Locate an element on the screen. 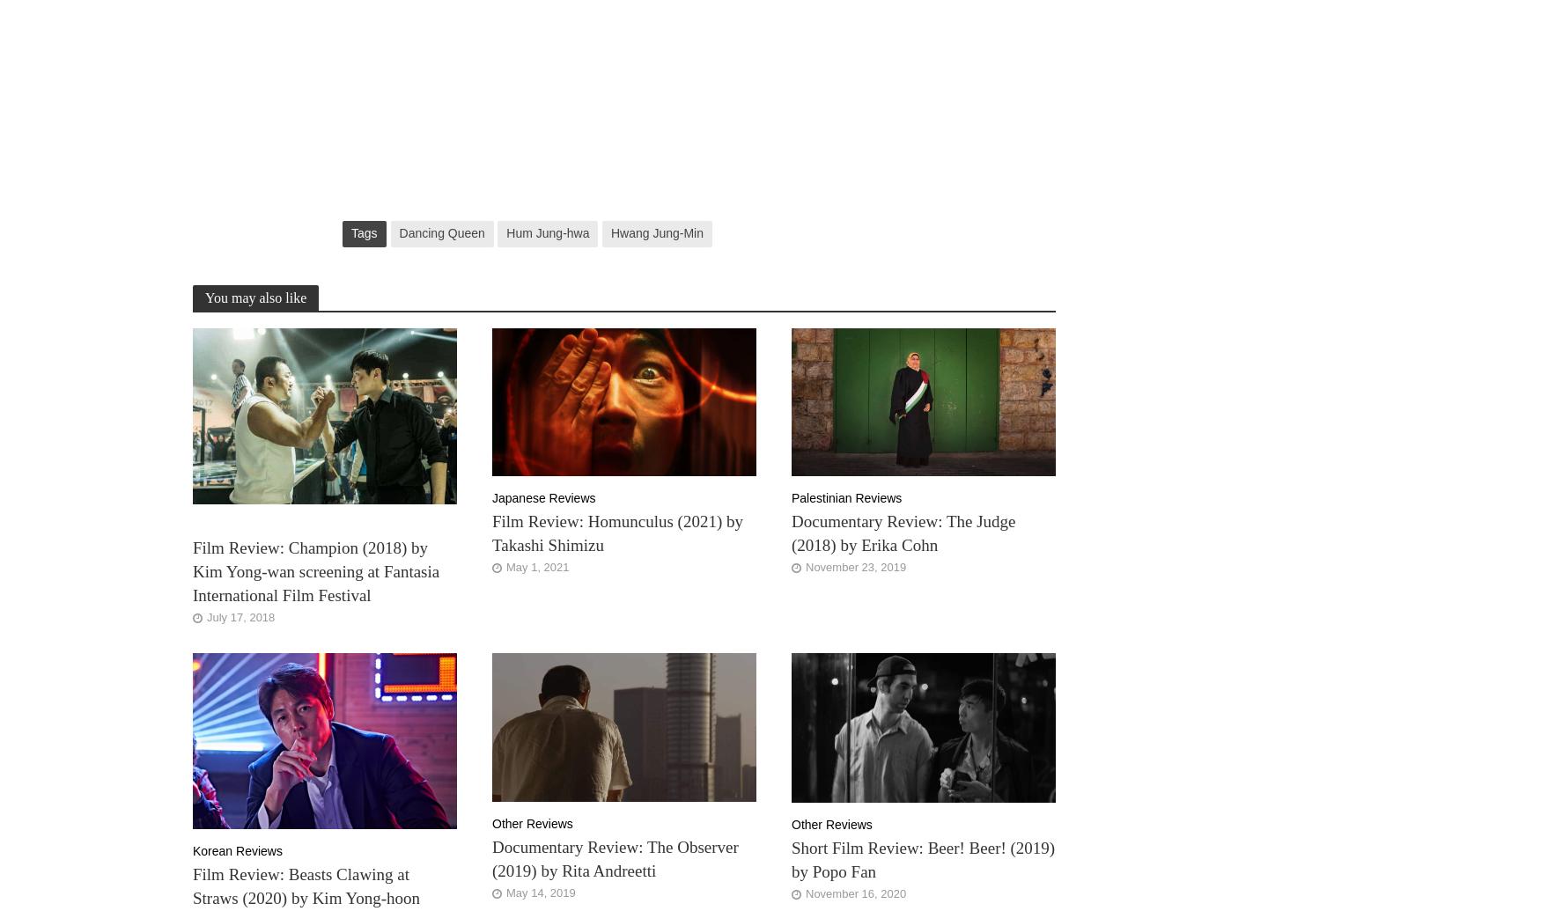 This screenshot has width=1548, height=911. 'Short Film Review: Beer! Beer! (2019) by Popo Fan' is located at coordinates (792, 859).